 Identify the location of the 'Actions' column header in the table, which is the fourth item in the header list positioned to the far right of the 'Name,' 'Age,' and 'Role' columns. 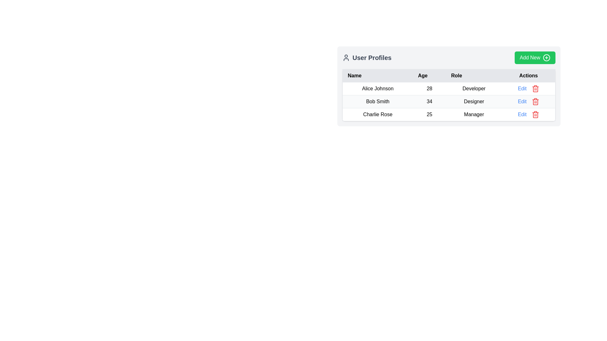
(529, 75).